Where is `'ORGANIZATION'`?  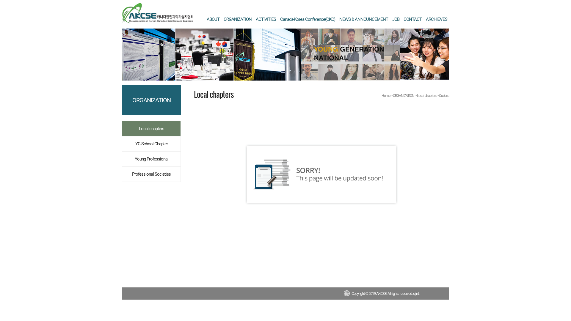 'ORGANIZATION' is located at coordinates (237, 19).